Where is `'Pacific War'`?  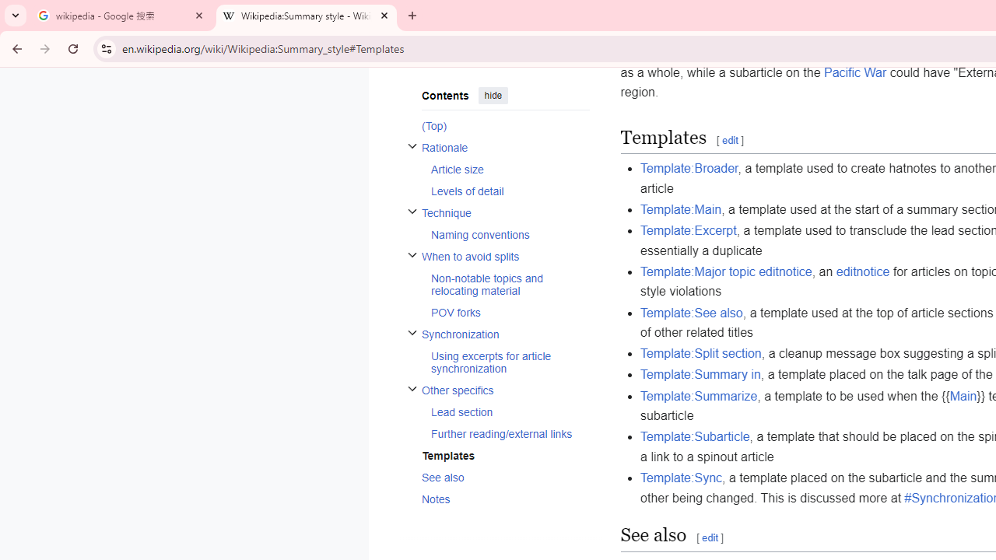 'Pacific War' is located at coordinates (854, 72).